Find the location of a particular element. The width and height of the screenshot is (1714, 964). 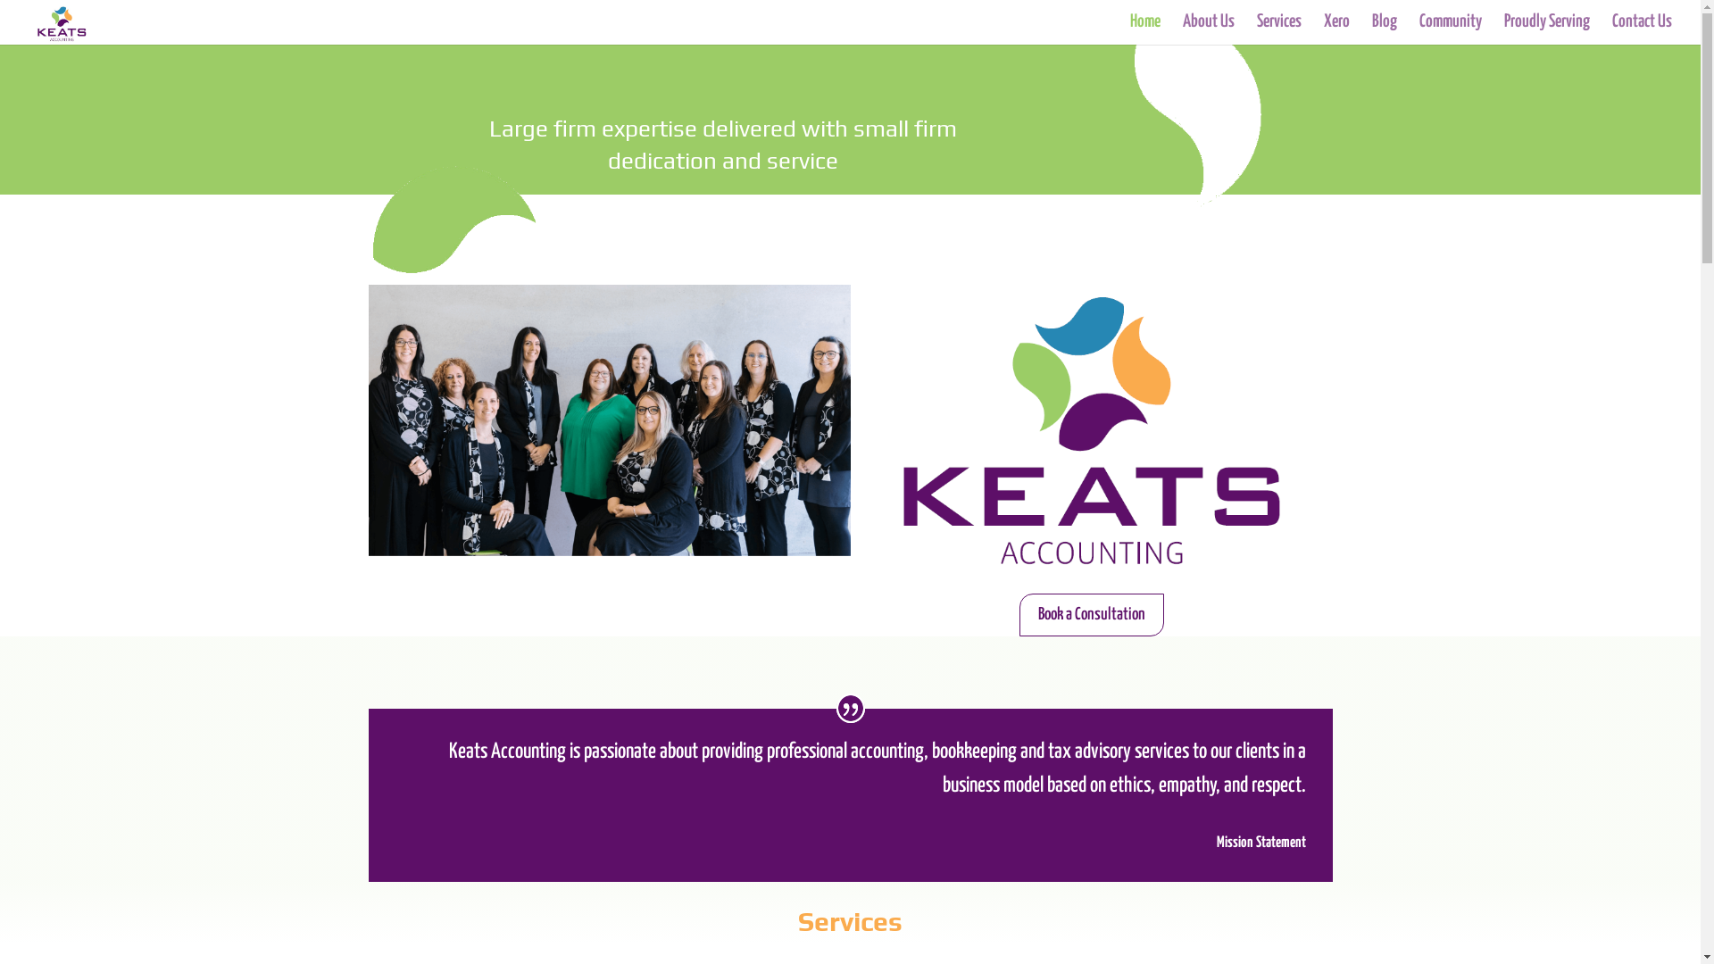

'Community' is located at coordinates (1451, 30).